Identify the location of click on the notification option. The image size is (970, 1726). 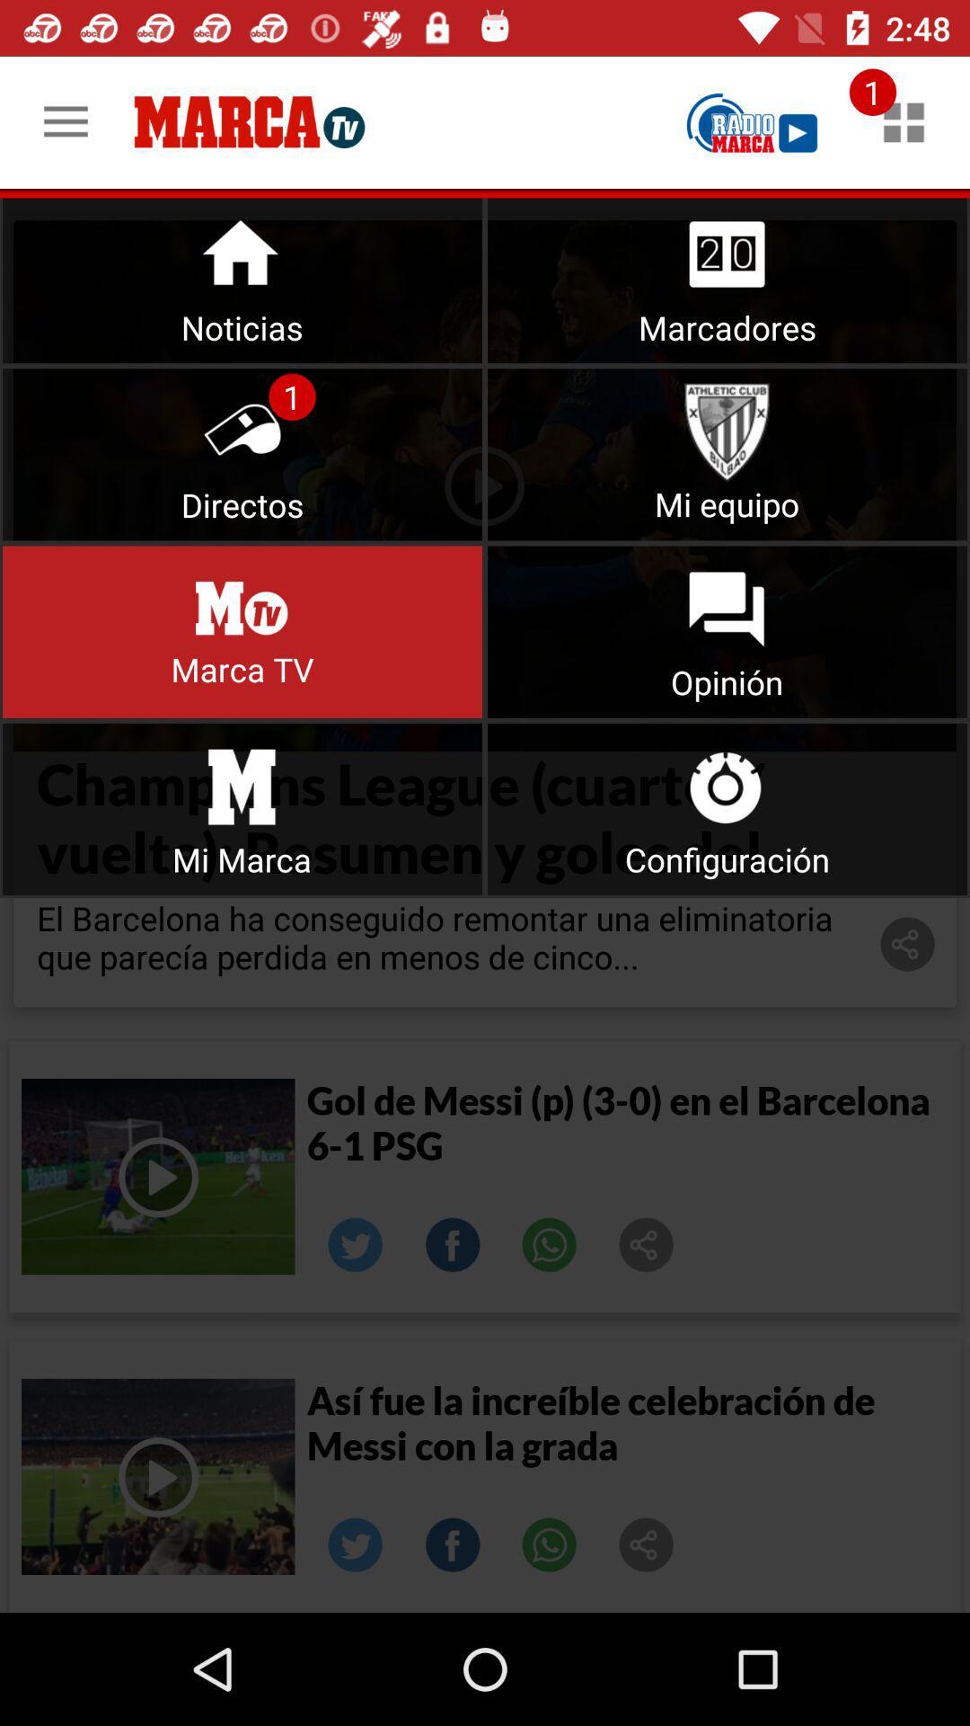
(904, 121).